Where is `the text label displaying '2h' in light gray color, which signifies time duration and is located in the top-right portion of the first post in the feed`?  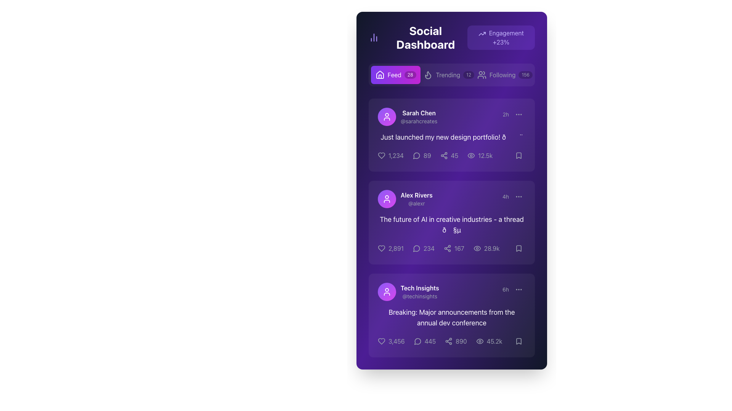
the text label displaying '2h' in light gray color, which signifies time duration and is located in the top-right portion of the first post in the feed is located at coordinates (506, 114).